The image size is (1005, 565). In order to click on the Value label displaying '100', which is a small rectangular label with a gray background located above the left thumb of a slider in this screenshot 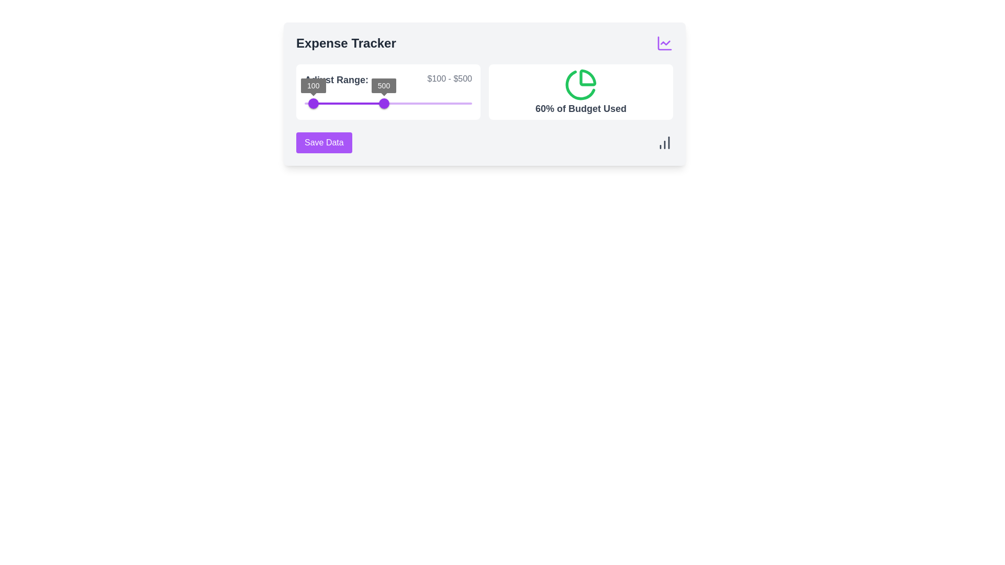, I will do `click(312, 85)`.